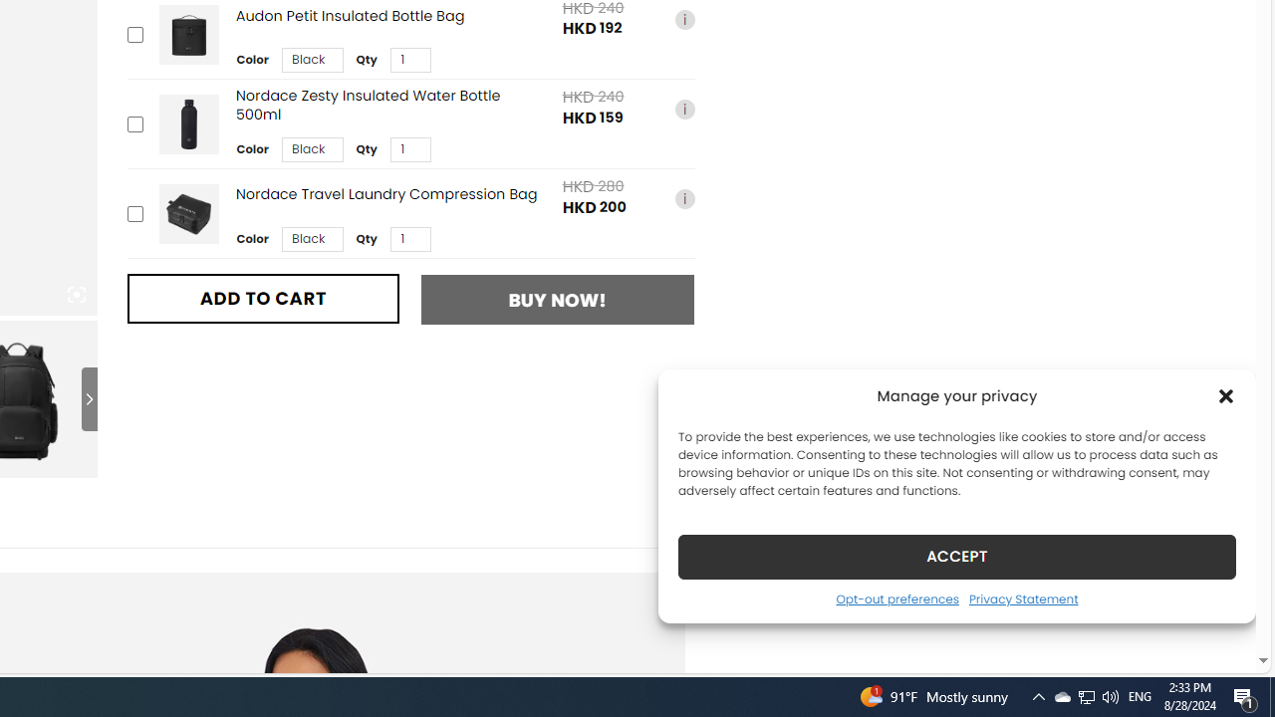 This screenshot has width=1275, height=717. What do you see at coordinates (558, 300) in the screenshot?
I see `'BUY NOW!'` at bounding box center [558, 300].